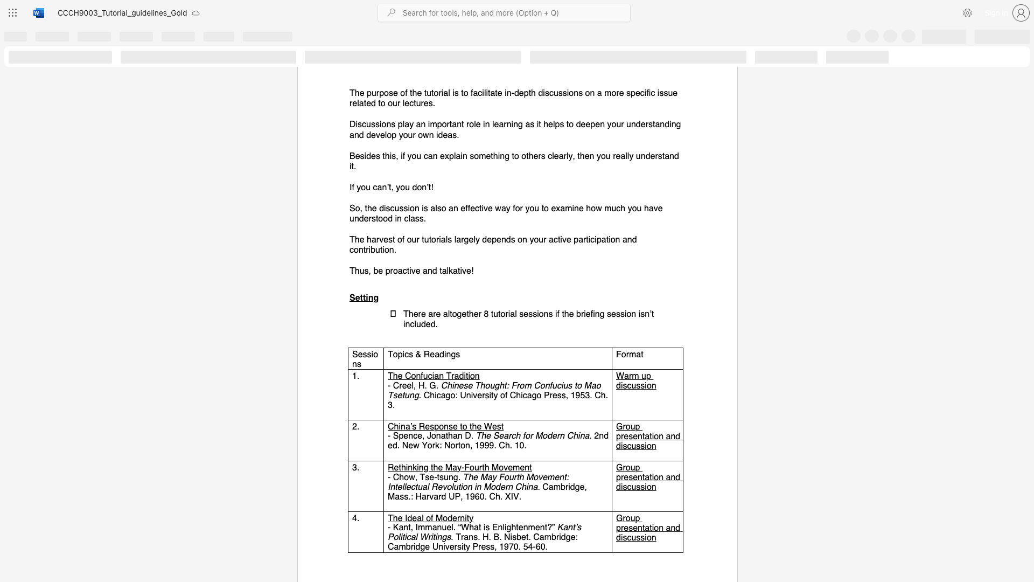 The image size is (1034, 582). What do you see at coordinates (414, 385) in the screenshot?
I see `the 1th character "," in the text` at bounding box center [414, 385].